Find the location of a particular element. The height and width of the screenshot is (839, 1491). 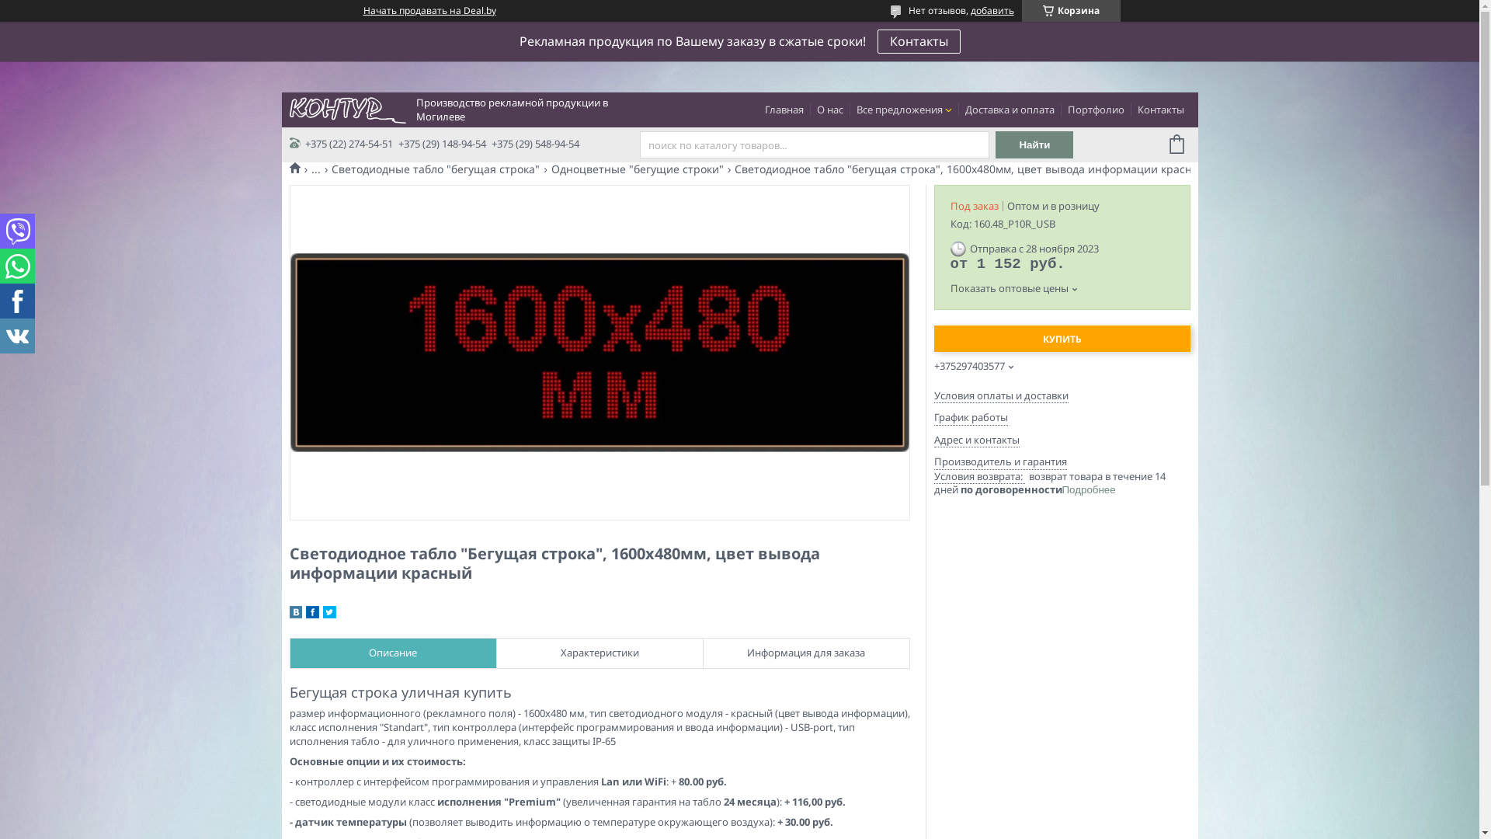

'facebook' is located at coordinates (311, 613).